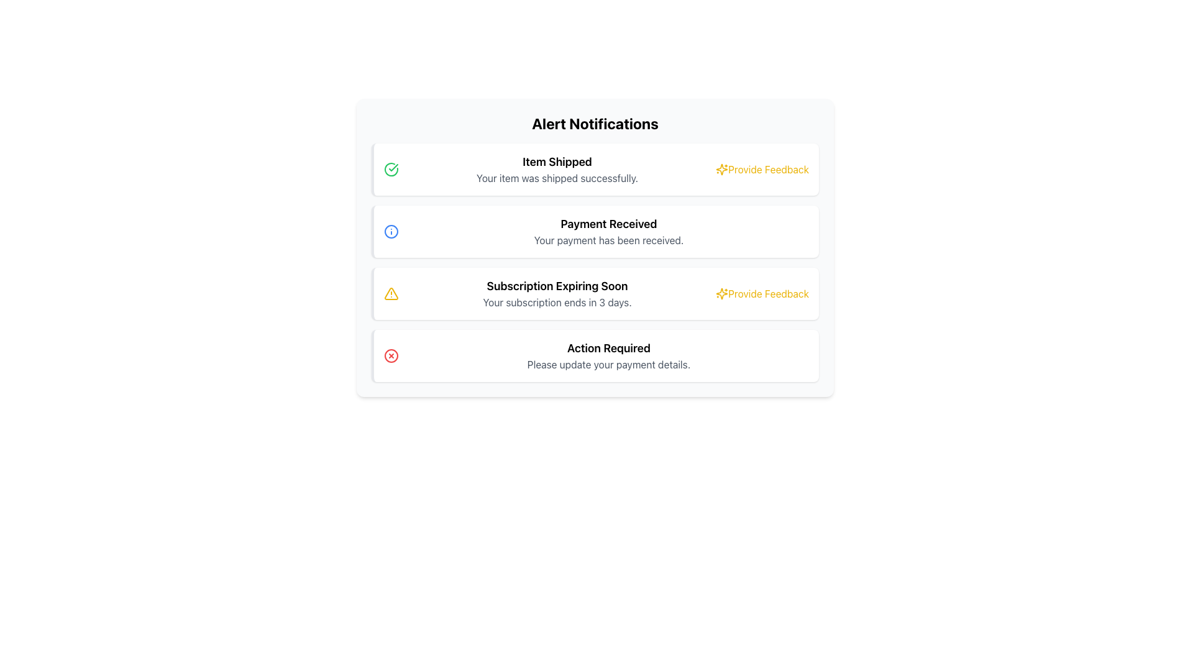  I want to click on the alert icon located at the far left of the last notification entry in the 'Alert Notifications' section, so click(390, 356).